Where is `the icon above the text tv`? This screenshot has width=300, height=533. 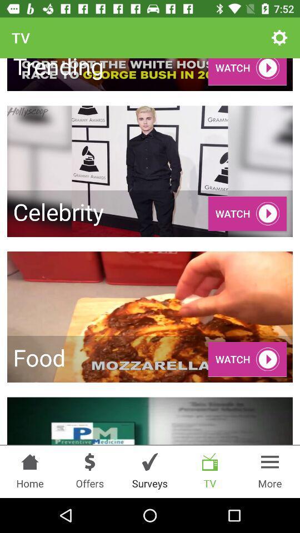
the icon above the text tv is located at coordinates (210, 462).